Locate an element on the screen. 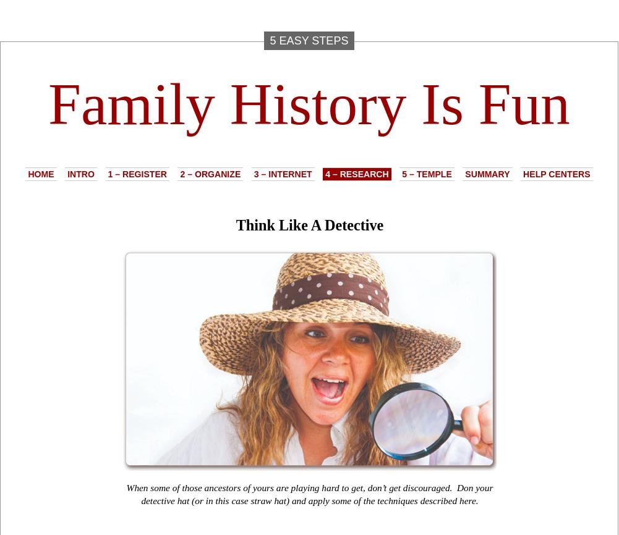 This screenshot has width=619, height=535. 'When some of those ancestors of yours are playing hard to get, don’t get discouraged.  Don your detective hat (or in this case straw hat) and apply some of the techniques described here' is located at coordinates (309, 492).